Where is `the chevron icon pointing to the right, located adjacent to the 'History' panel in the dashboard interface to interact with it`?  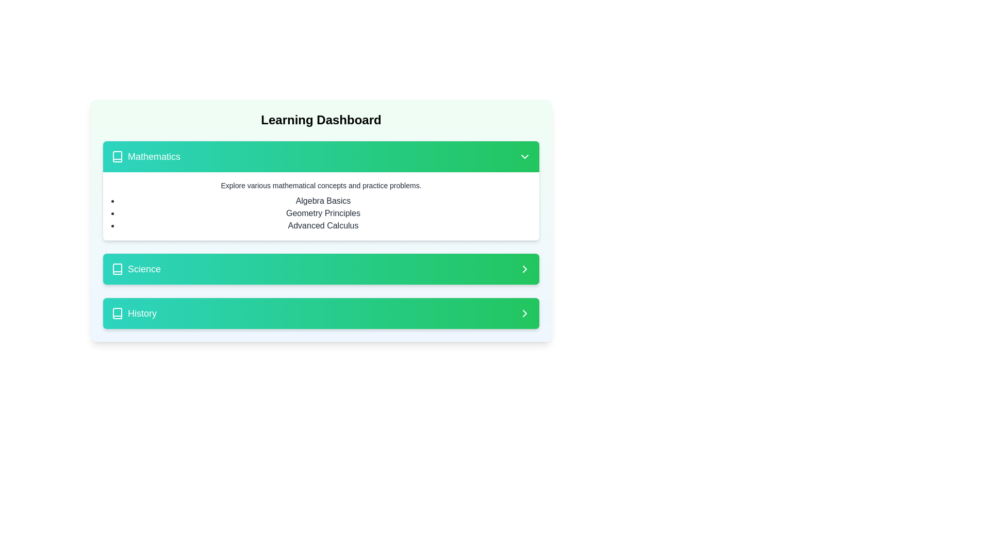 the chevron icon pointing to the right, located adjacent to the 'History' panel in the dashboard interface to interact with it is located at coordinates (524, 268).